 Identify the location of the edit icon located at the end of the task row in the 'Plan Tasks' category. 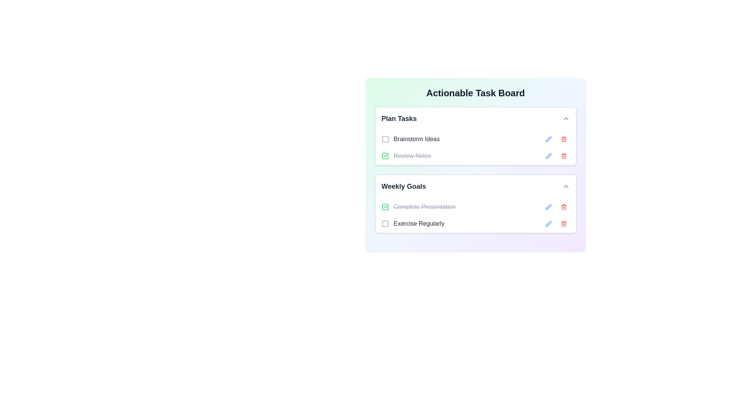
(548, 155).